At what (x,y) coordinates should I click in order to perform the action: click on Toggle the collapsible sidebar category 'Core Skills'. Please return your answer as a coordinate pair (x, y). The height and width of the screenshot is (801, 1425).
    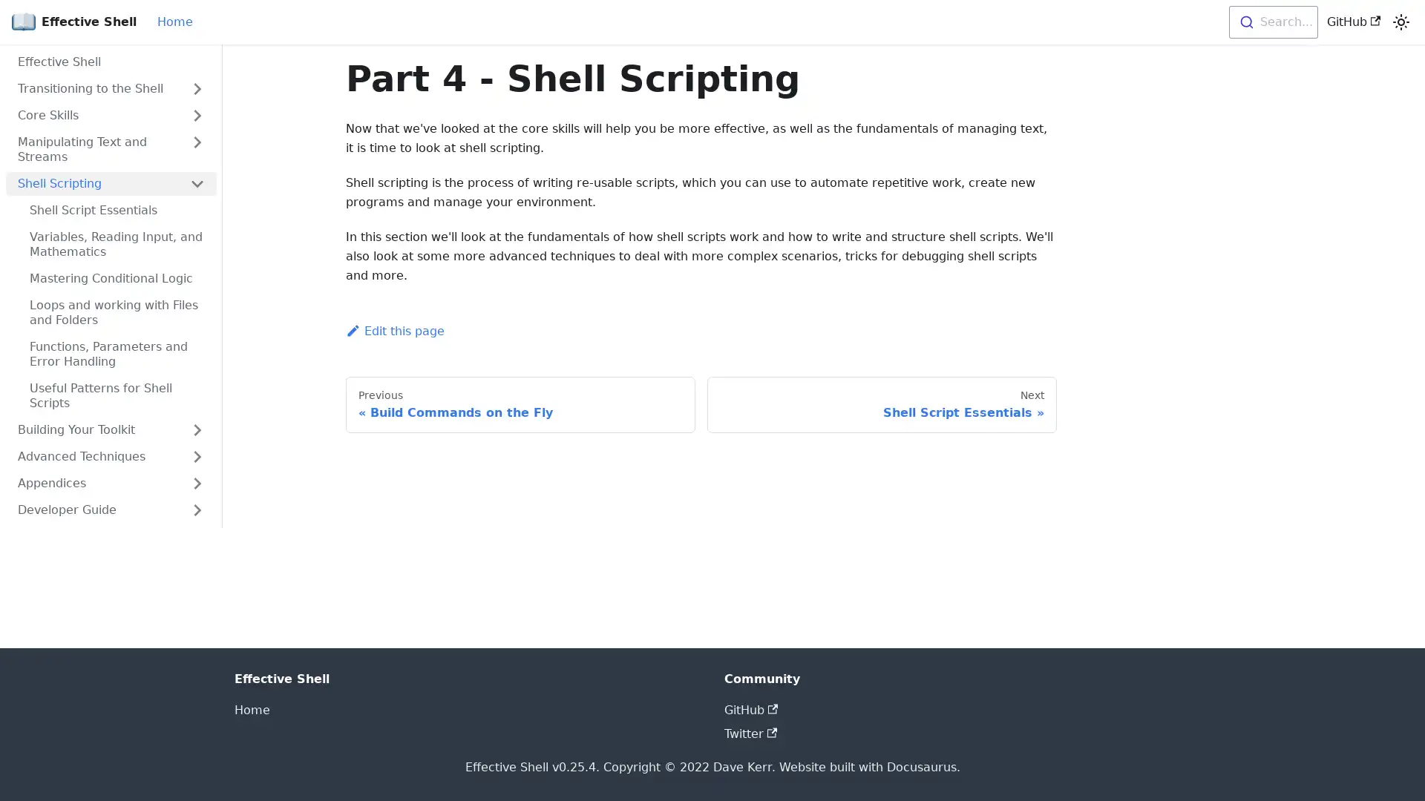
    Looking at the image, I should click on (196, 114).